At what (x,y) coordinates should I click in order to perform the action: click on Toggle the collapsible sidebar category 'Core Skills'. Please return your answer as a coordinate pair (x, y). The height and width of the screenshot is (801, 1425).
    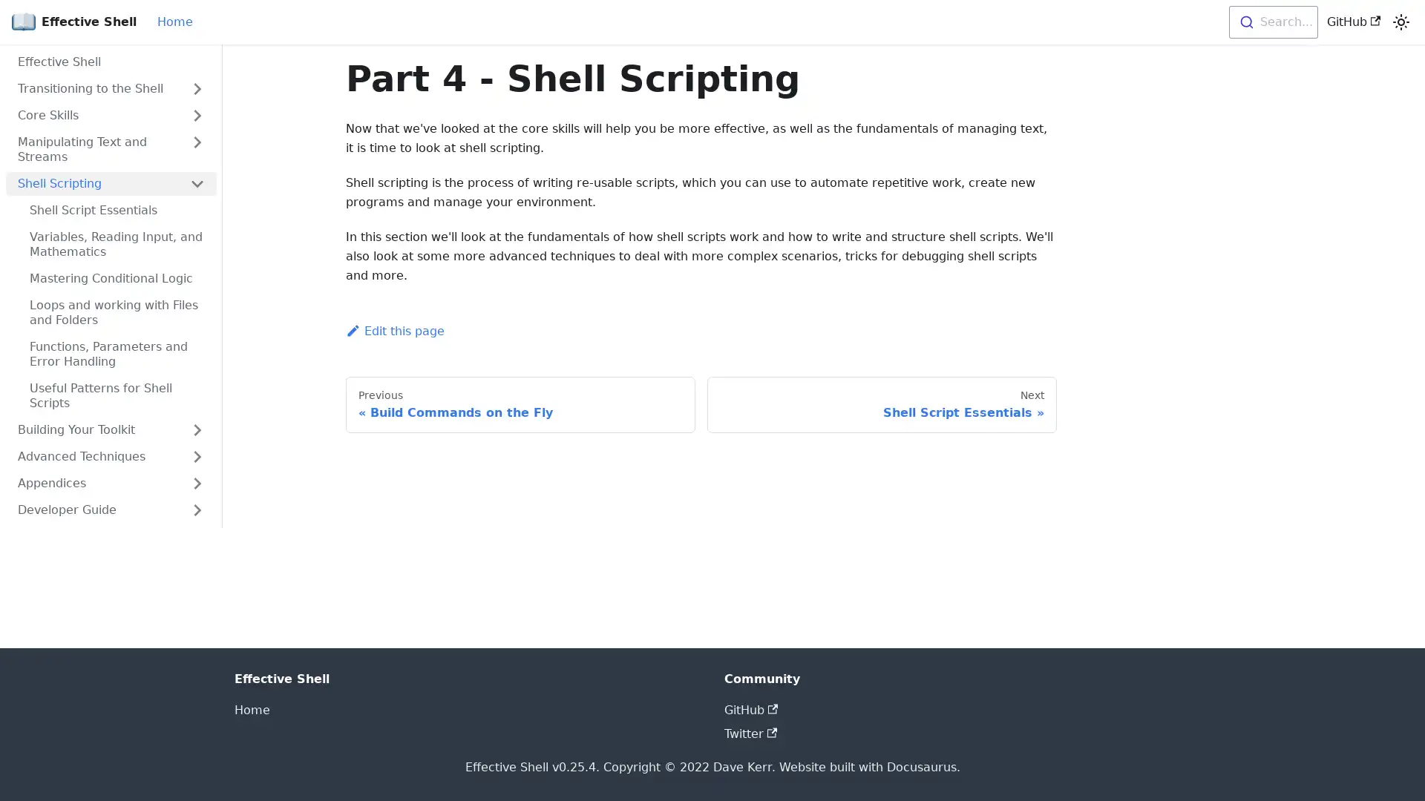
    Looking at the image, I should click on (196, 114).